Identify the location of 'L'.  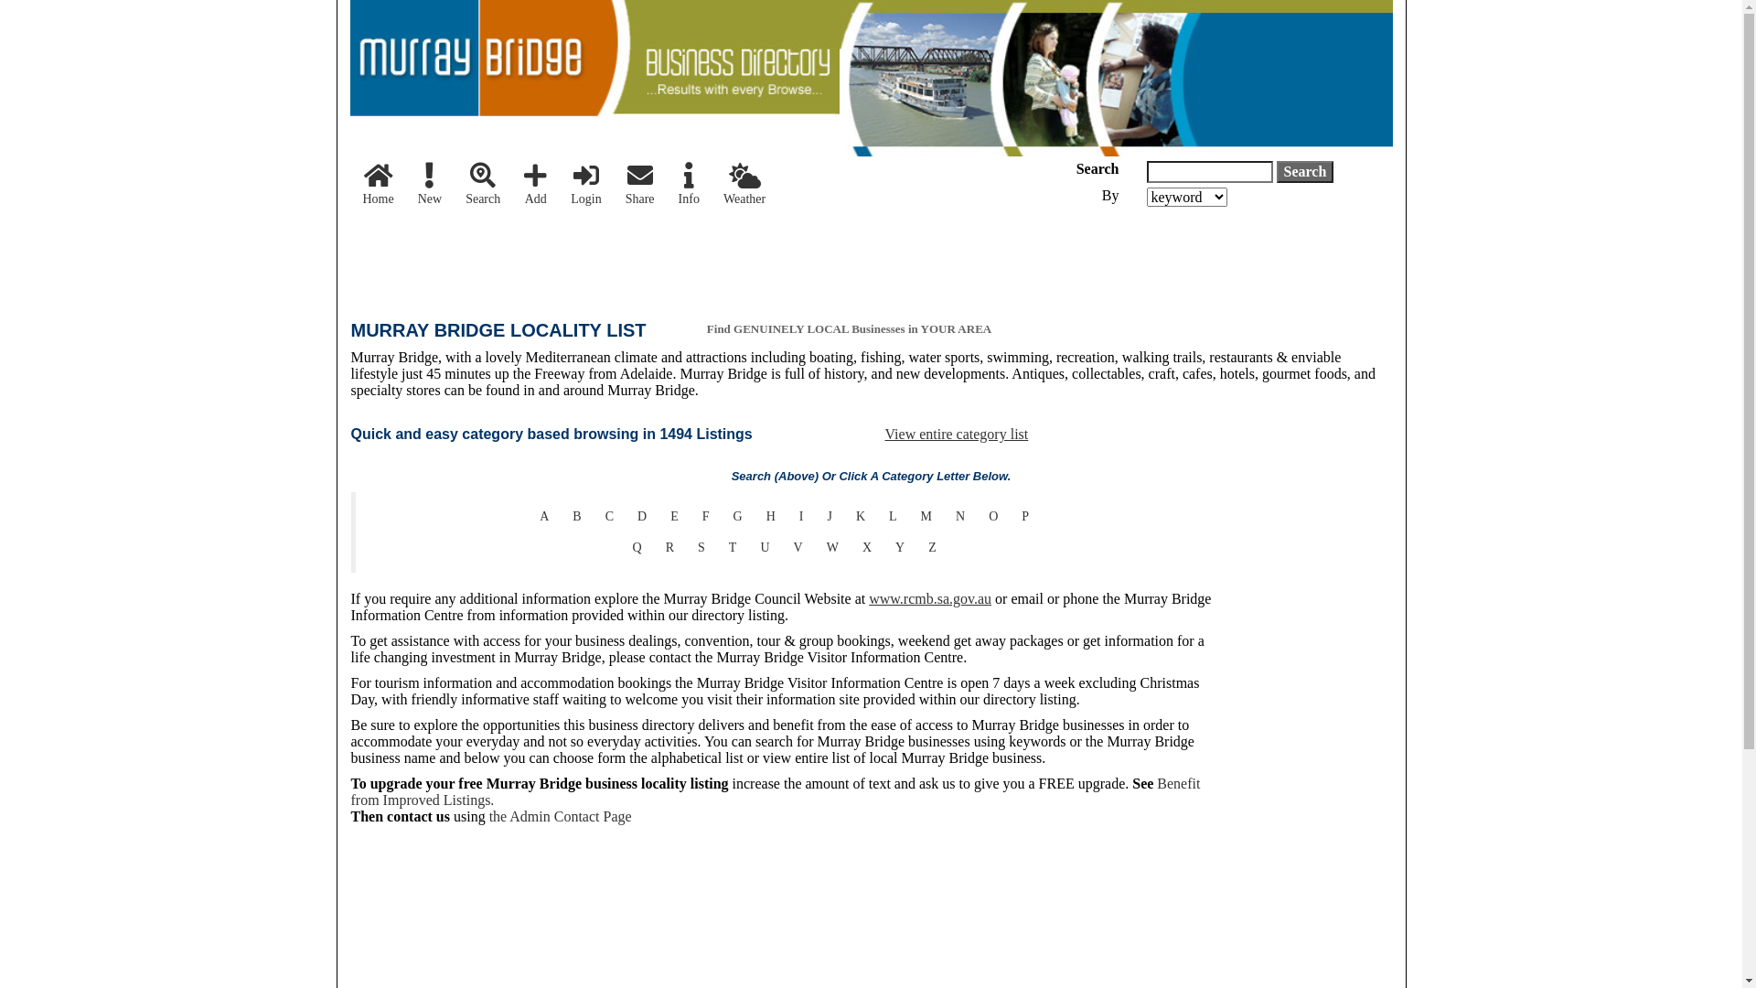
(893, 516).